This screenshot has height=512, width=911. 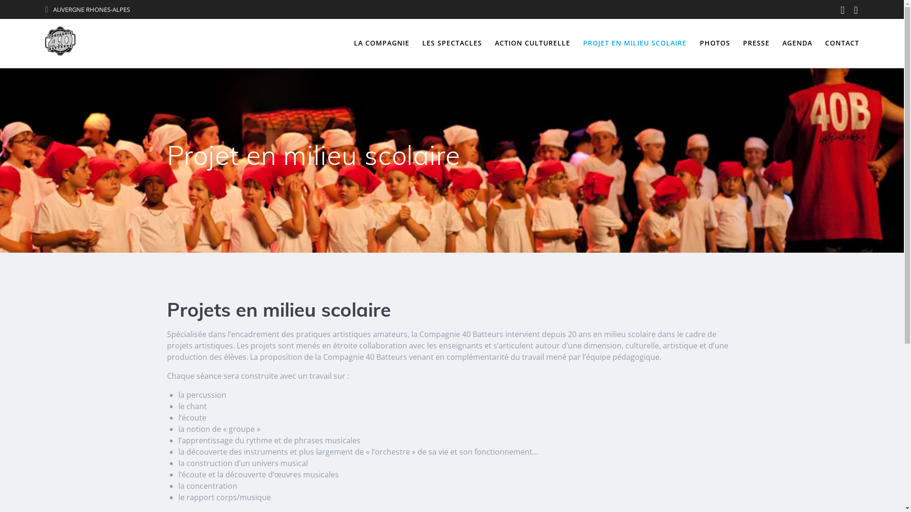 I want to click on 'PROJET EN MILIEU SCOLAIRE', so click(x=635, y=43).